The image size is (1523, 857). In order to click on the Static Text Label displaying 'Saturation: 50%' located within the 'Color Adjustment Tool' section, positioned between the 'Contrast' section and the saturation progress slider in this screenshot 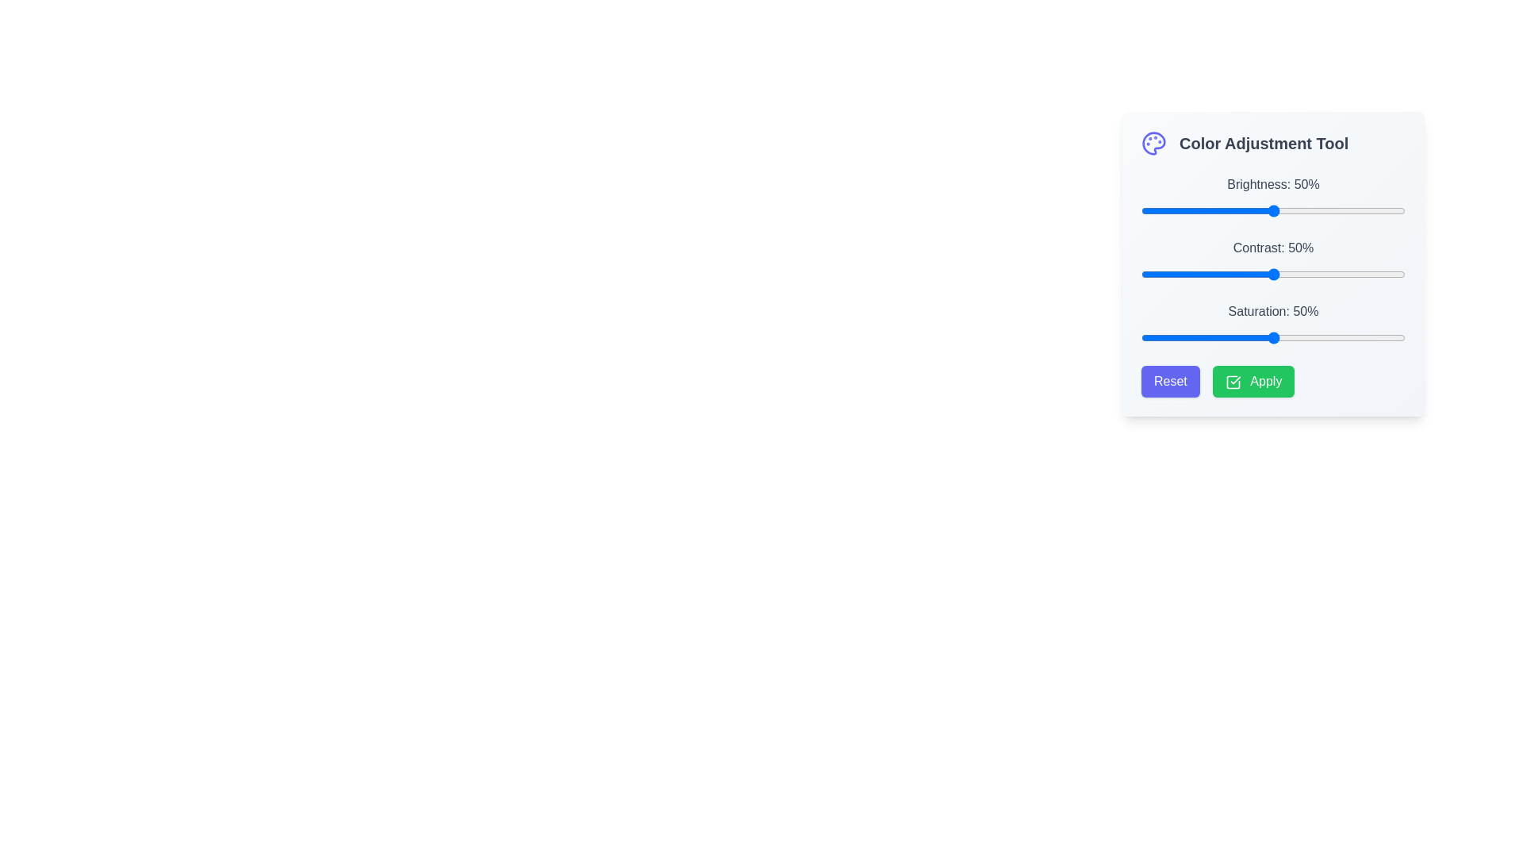, I will do `click(1273, 312)`.